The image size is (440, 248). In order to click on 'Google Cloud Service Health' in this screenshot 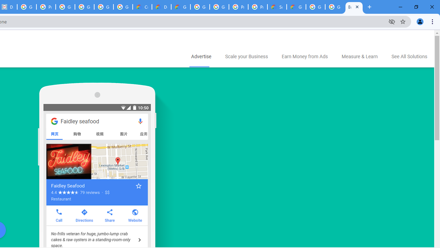, I will do `click(296, 7)`.